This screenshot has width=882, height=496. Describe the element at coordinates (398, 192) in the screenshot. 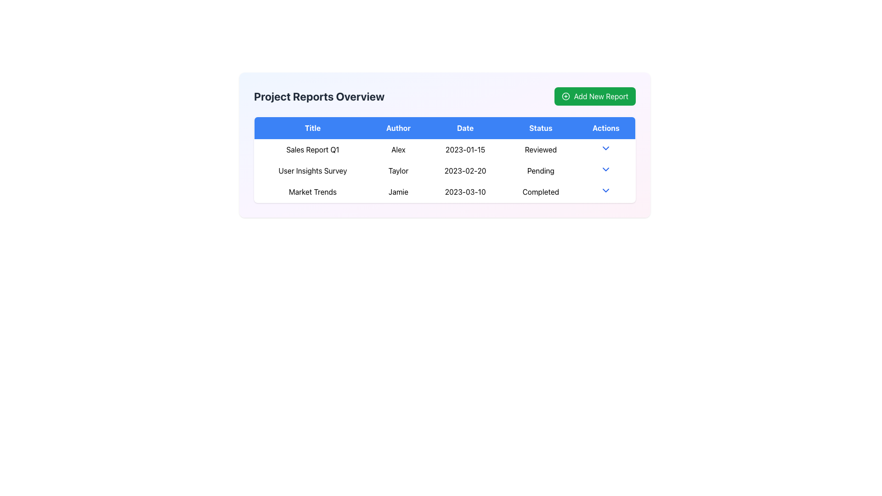

I see `the 'Author' text label in the 'Market Trends' table, which designates the author for this row's entry` at that location.